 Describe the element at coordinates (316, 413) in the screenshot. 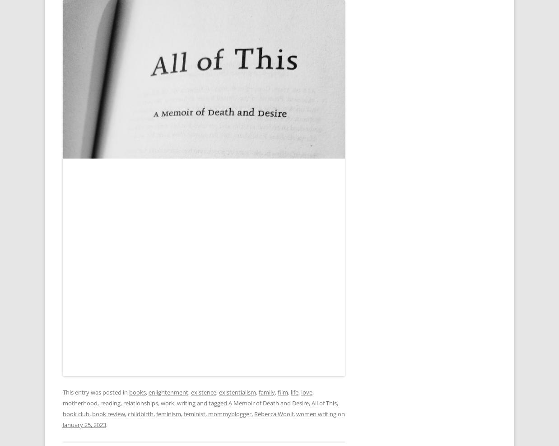

I see `'women writing'` at that location.